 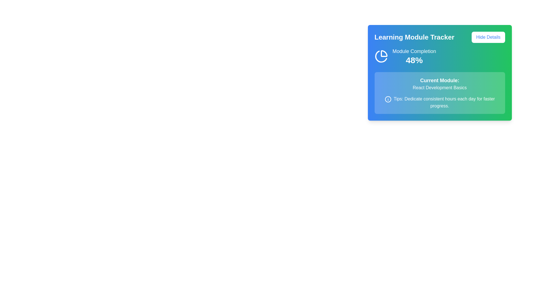 I want to click on the icon that indicates additional information, positioned to the left of the text 'Tips: Dedicate consistent hours each day for faster progress.', so click(x=388, y=99).